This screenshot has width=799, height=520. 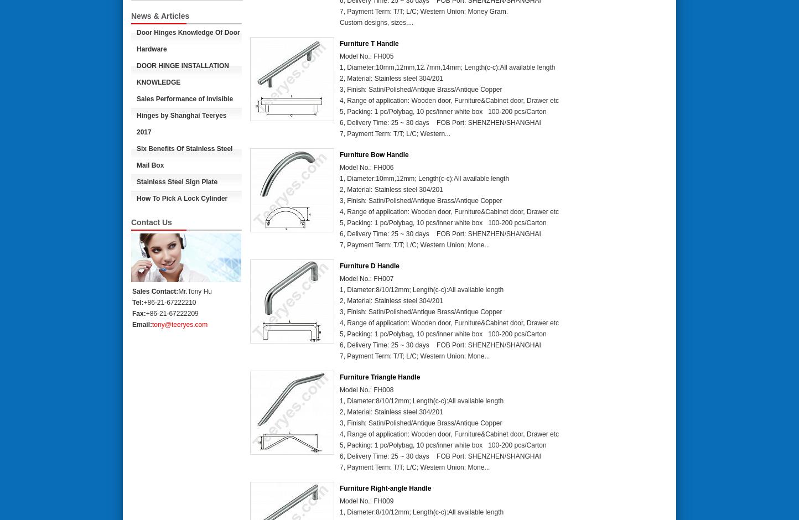 What do you see at coordinates (447, 67) in the screenshot?
I see `'1, Diameter:10mm,12mm,12.7mm,14mm; Length(c-c):All available length'` at bounding box center [447, 67].